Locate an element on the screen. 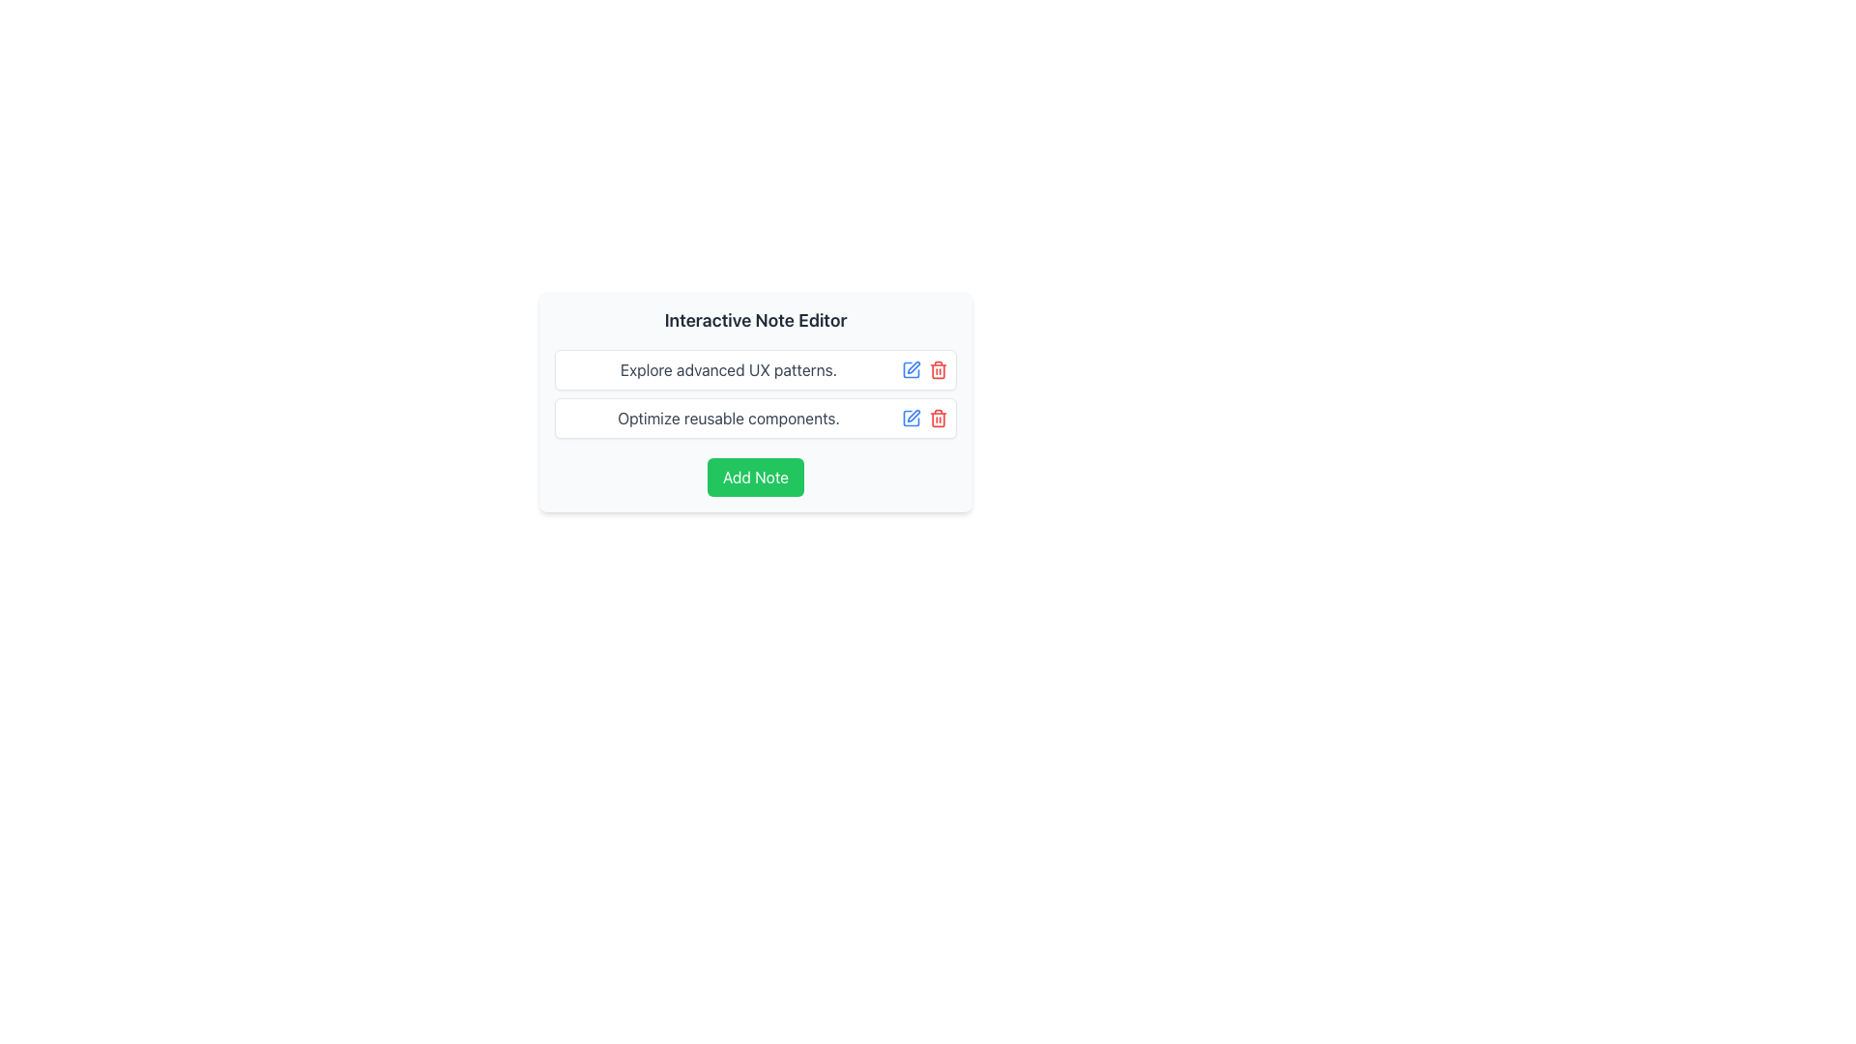 The height and width of the screenshot is (1044, 1856). the trash icon button located to the right of the blue edit icon for the list item 'Explore advanced UX patterns.' is located at coordinates (938, 369).